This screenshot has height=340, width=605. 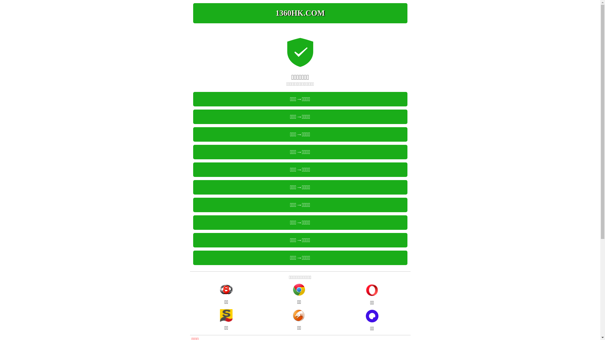 I want to click on '1369HK.COM', so click(x=299, y=13).